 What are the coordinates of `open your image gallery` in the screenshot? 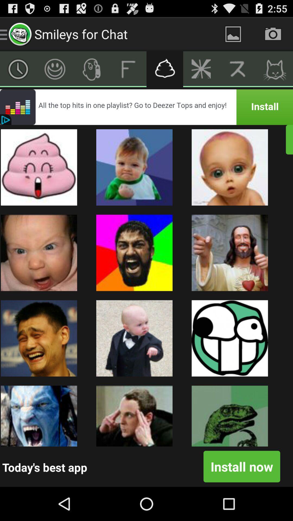 It's located at (233, 34).